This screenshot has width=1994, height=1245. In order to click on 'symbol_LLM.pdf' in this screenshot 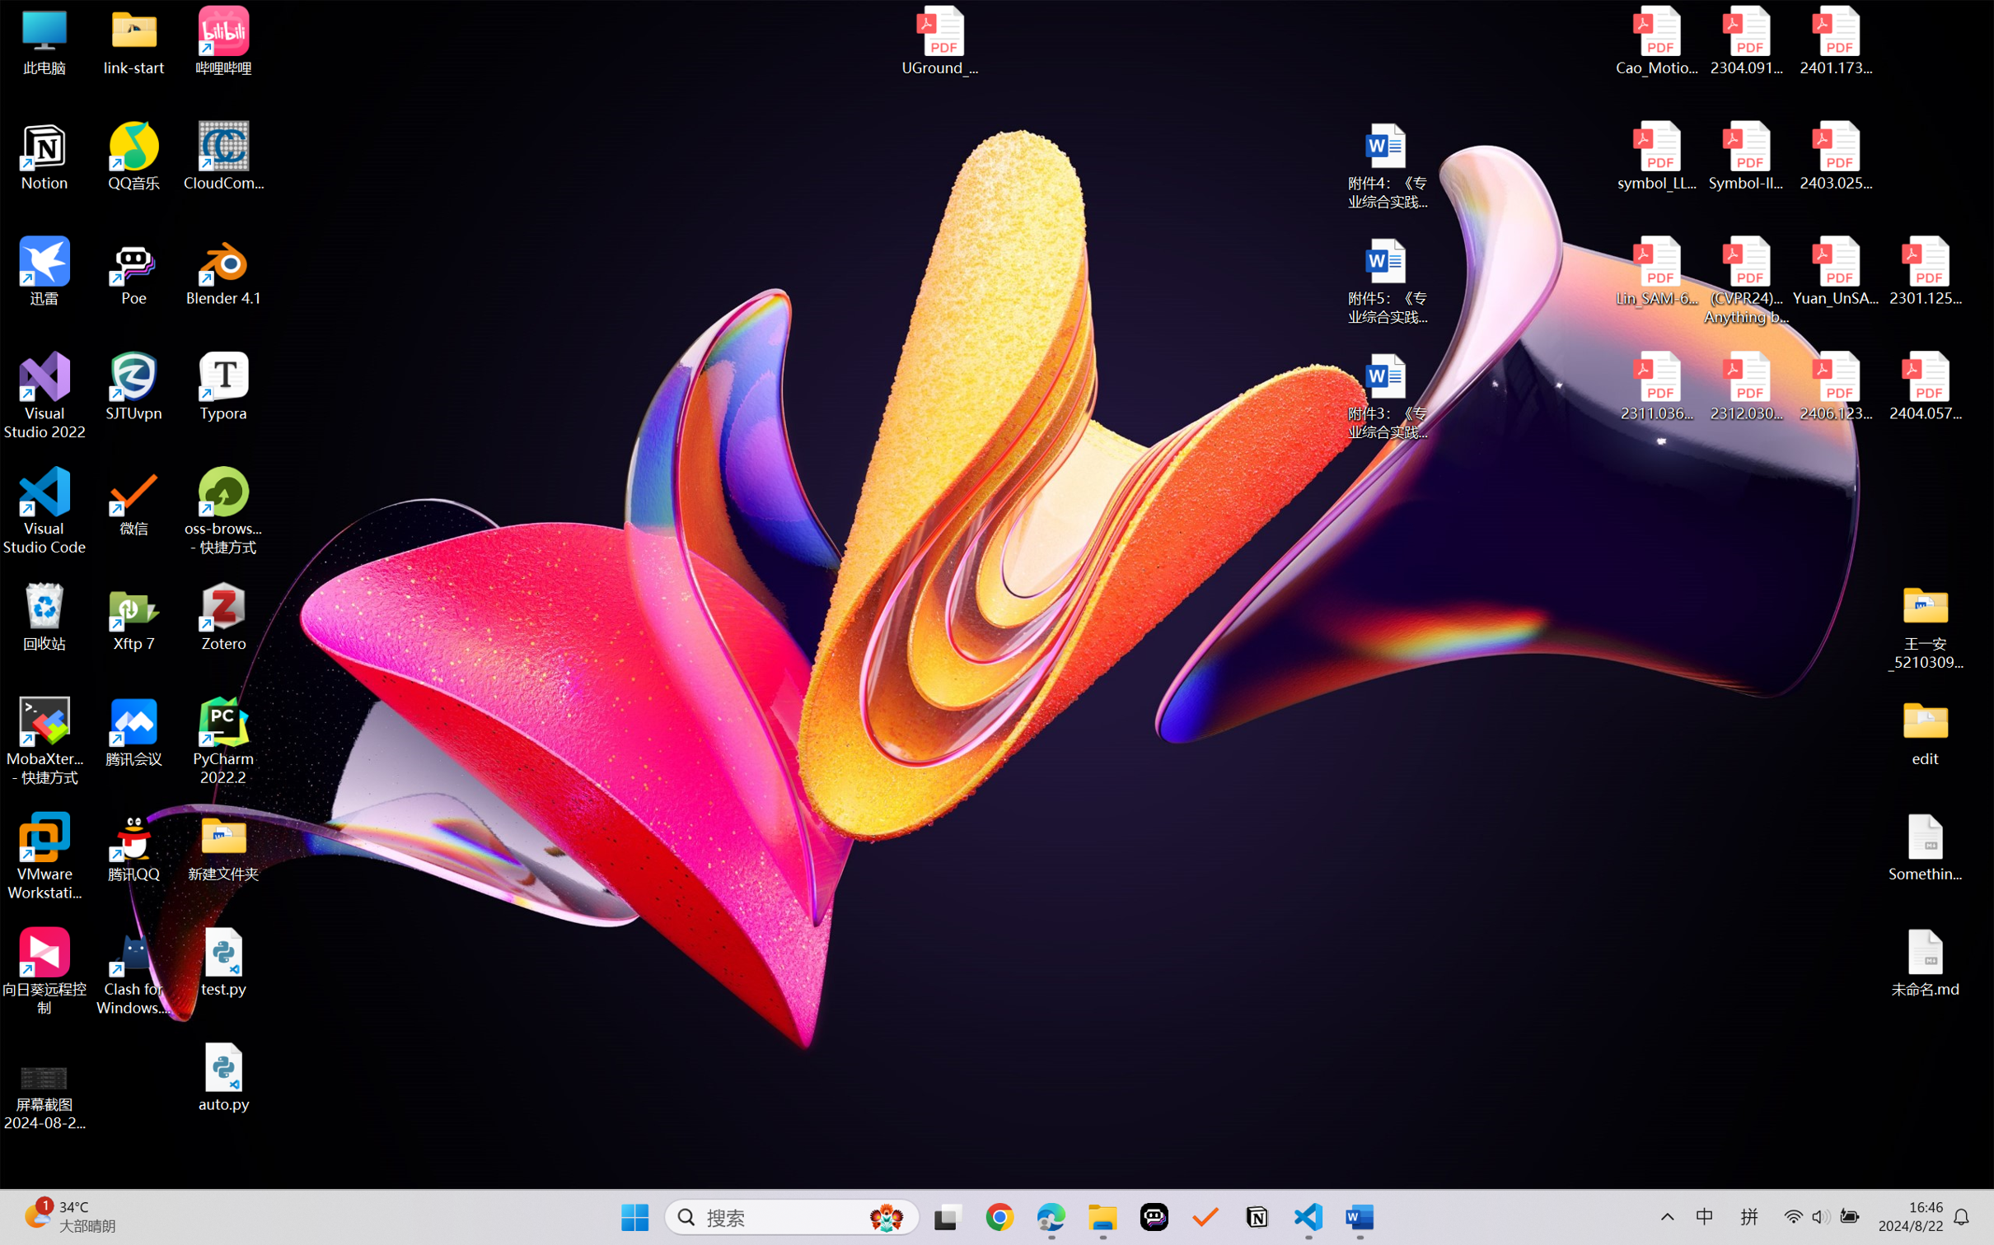, I will do `click(1657, 156)`.